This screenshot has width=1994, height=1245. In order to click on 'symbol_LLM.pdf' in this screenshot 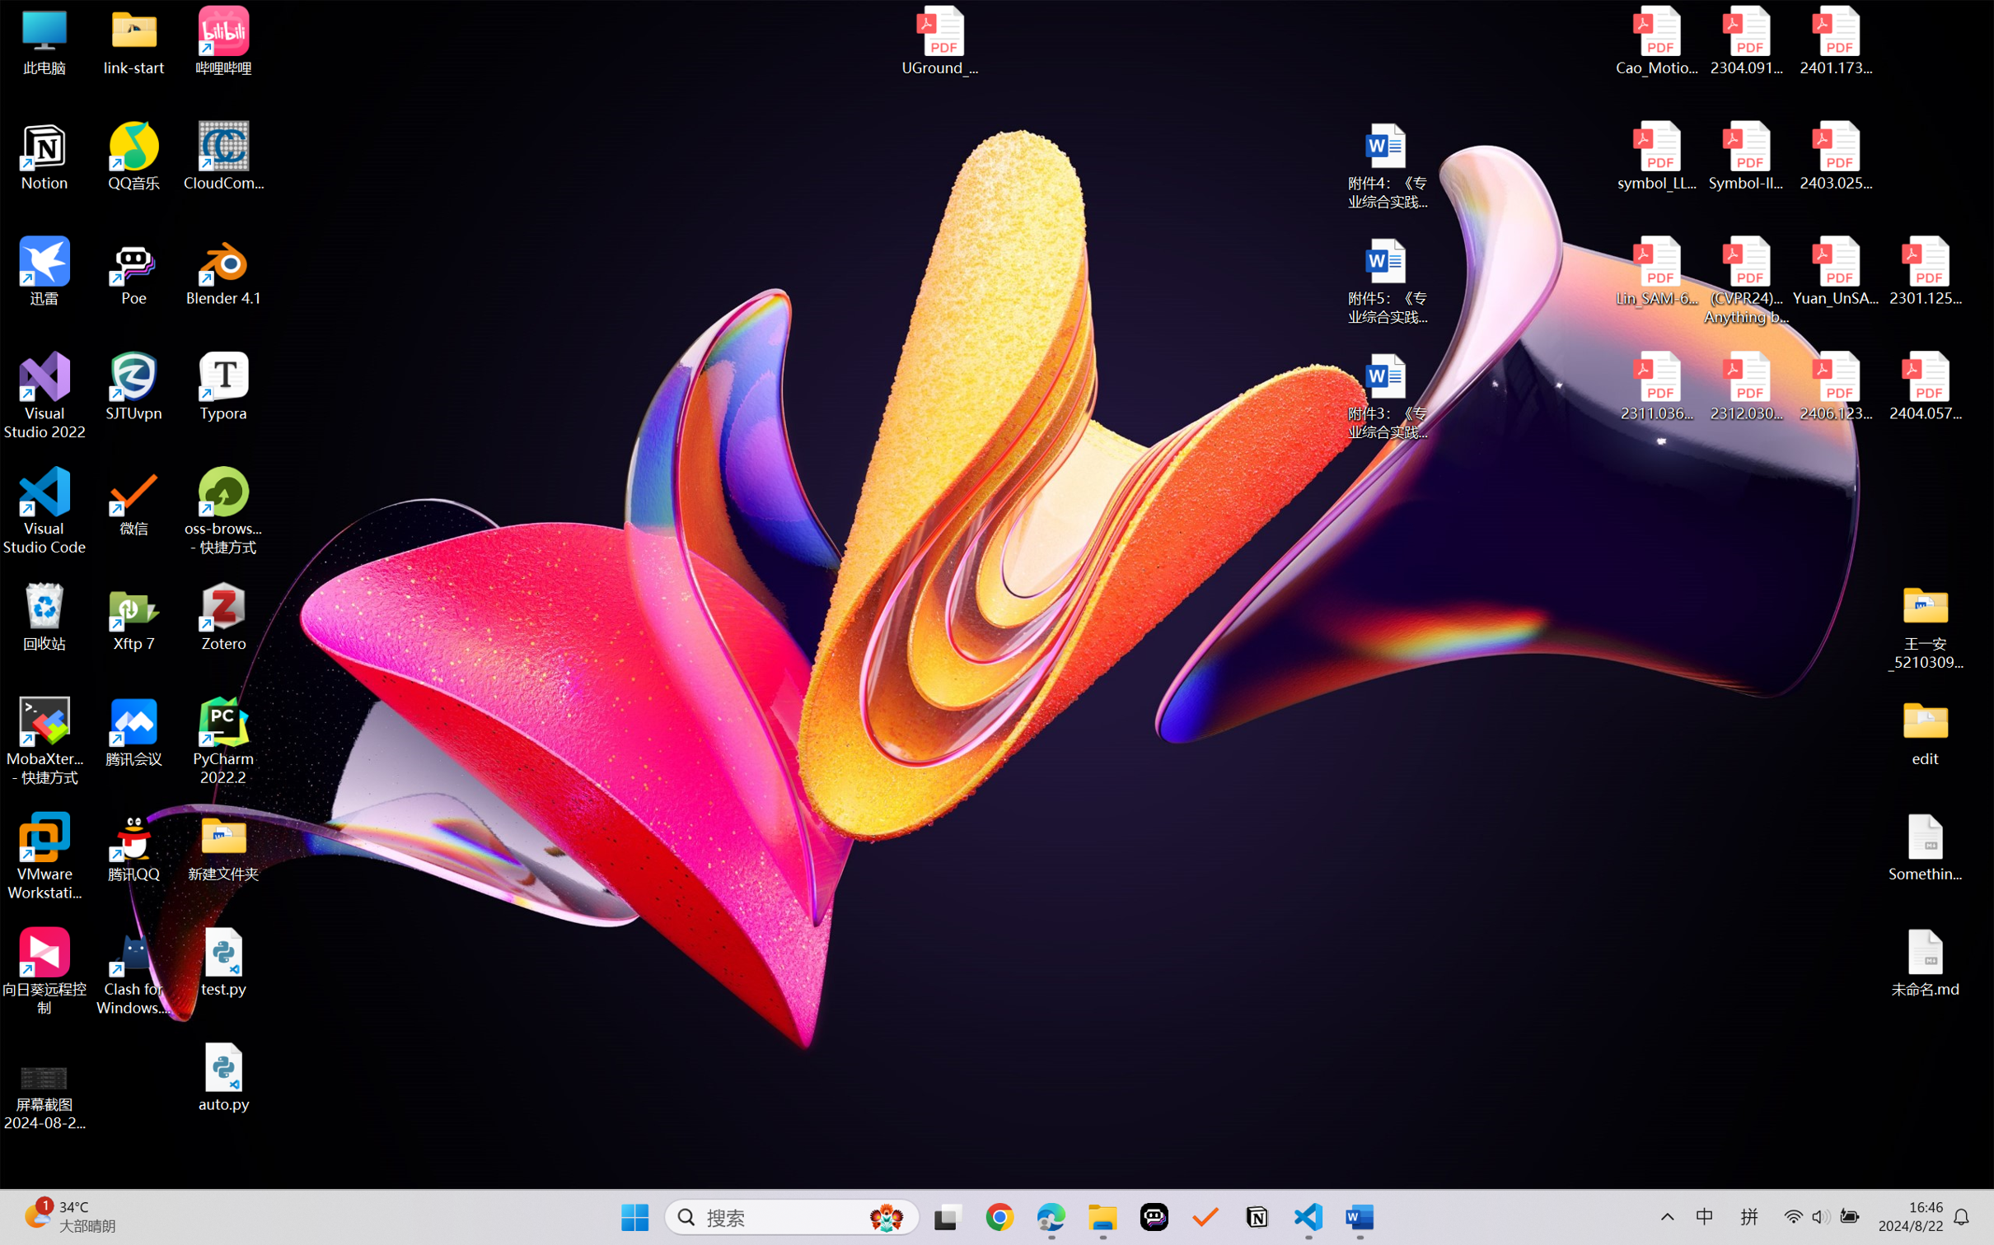, I will do `click(1657, 156)`.